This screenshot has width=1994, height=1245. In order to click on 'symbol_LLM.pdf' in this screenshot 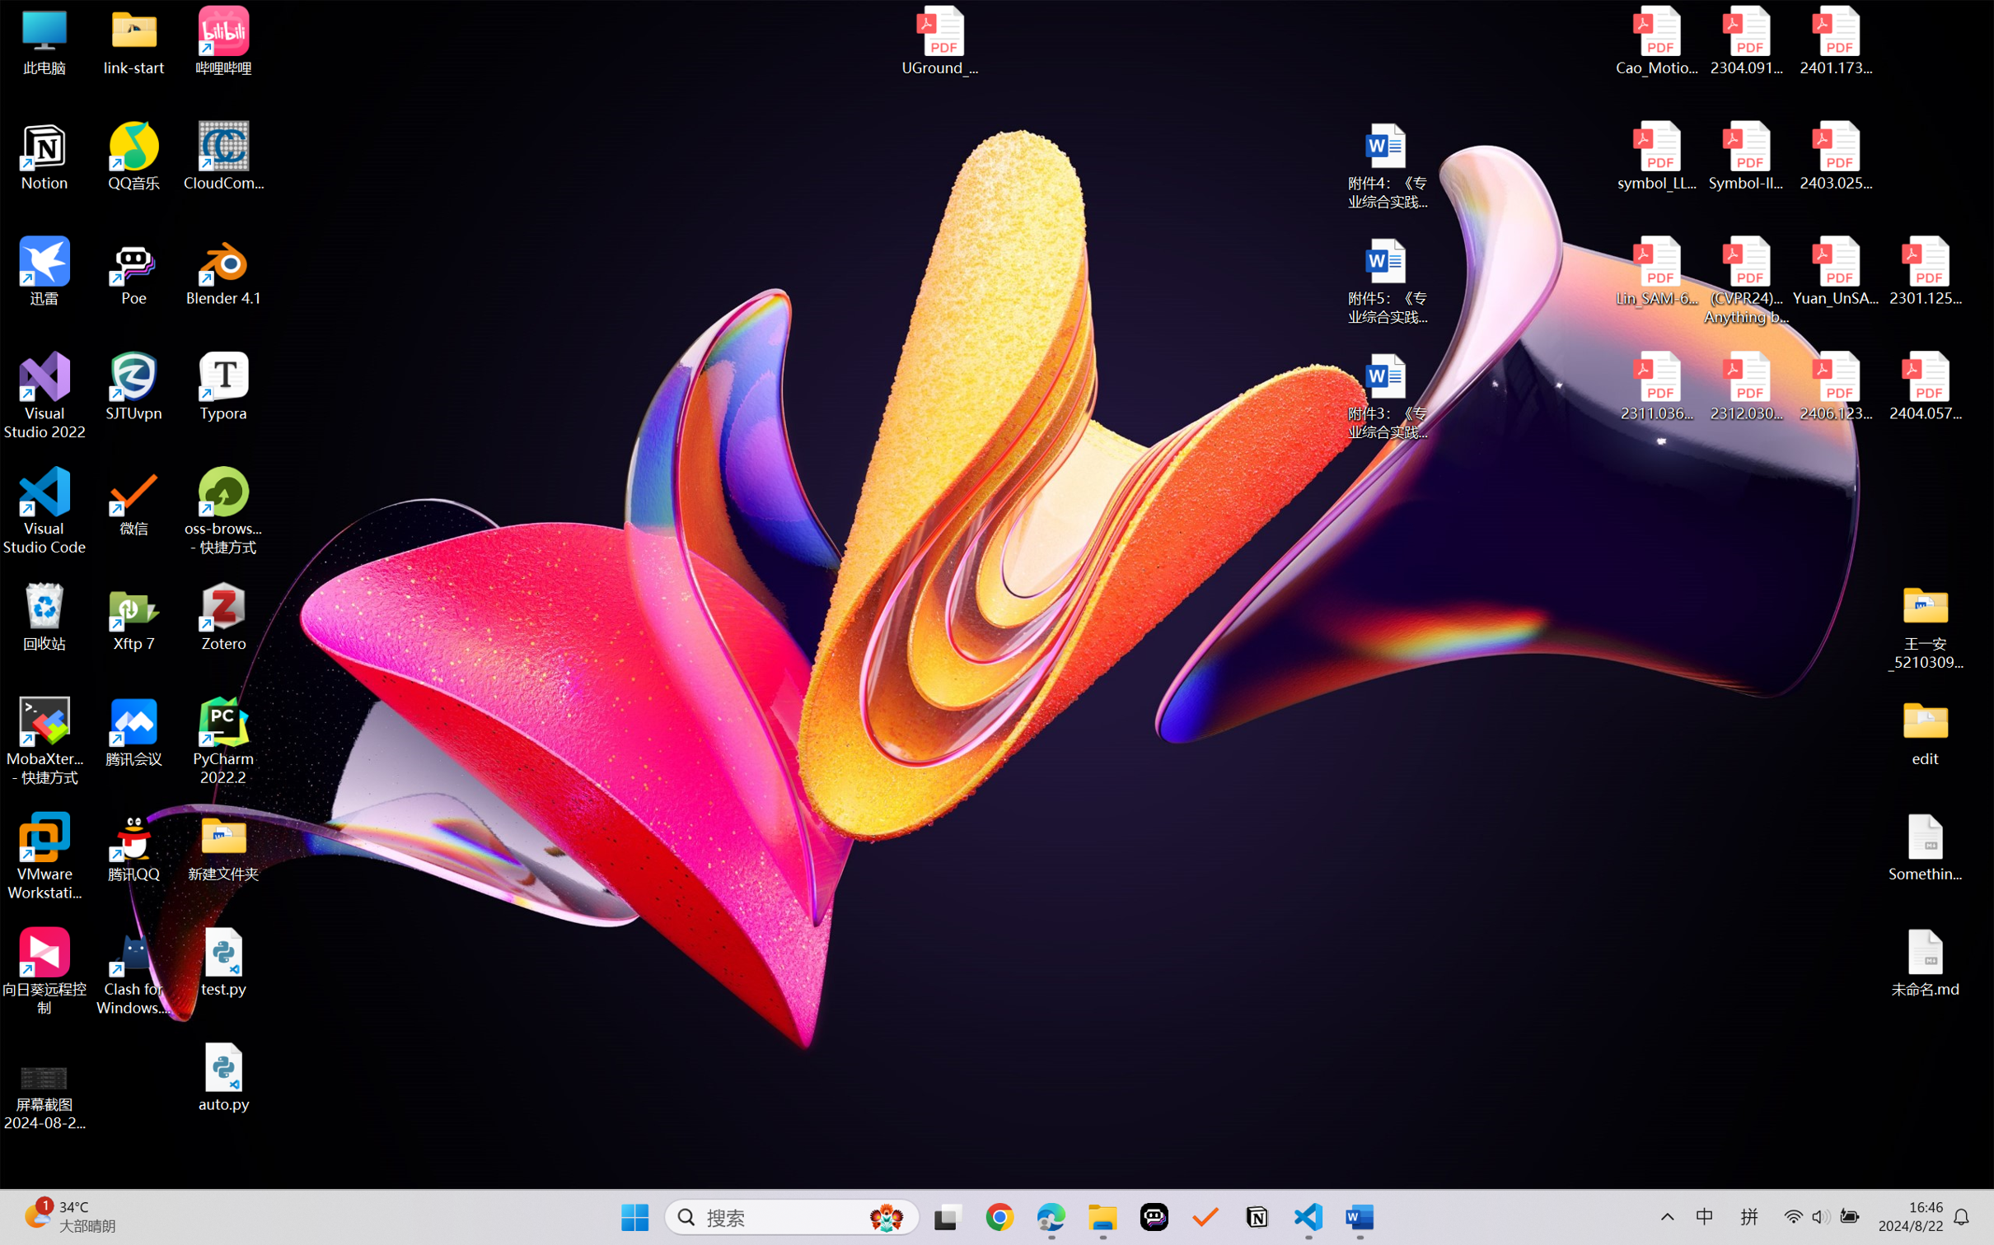, I will do `click(1657, 156)`.